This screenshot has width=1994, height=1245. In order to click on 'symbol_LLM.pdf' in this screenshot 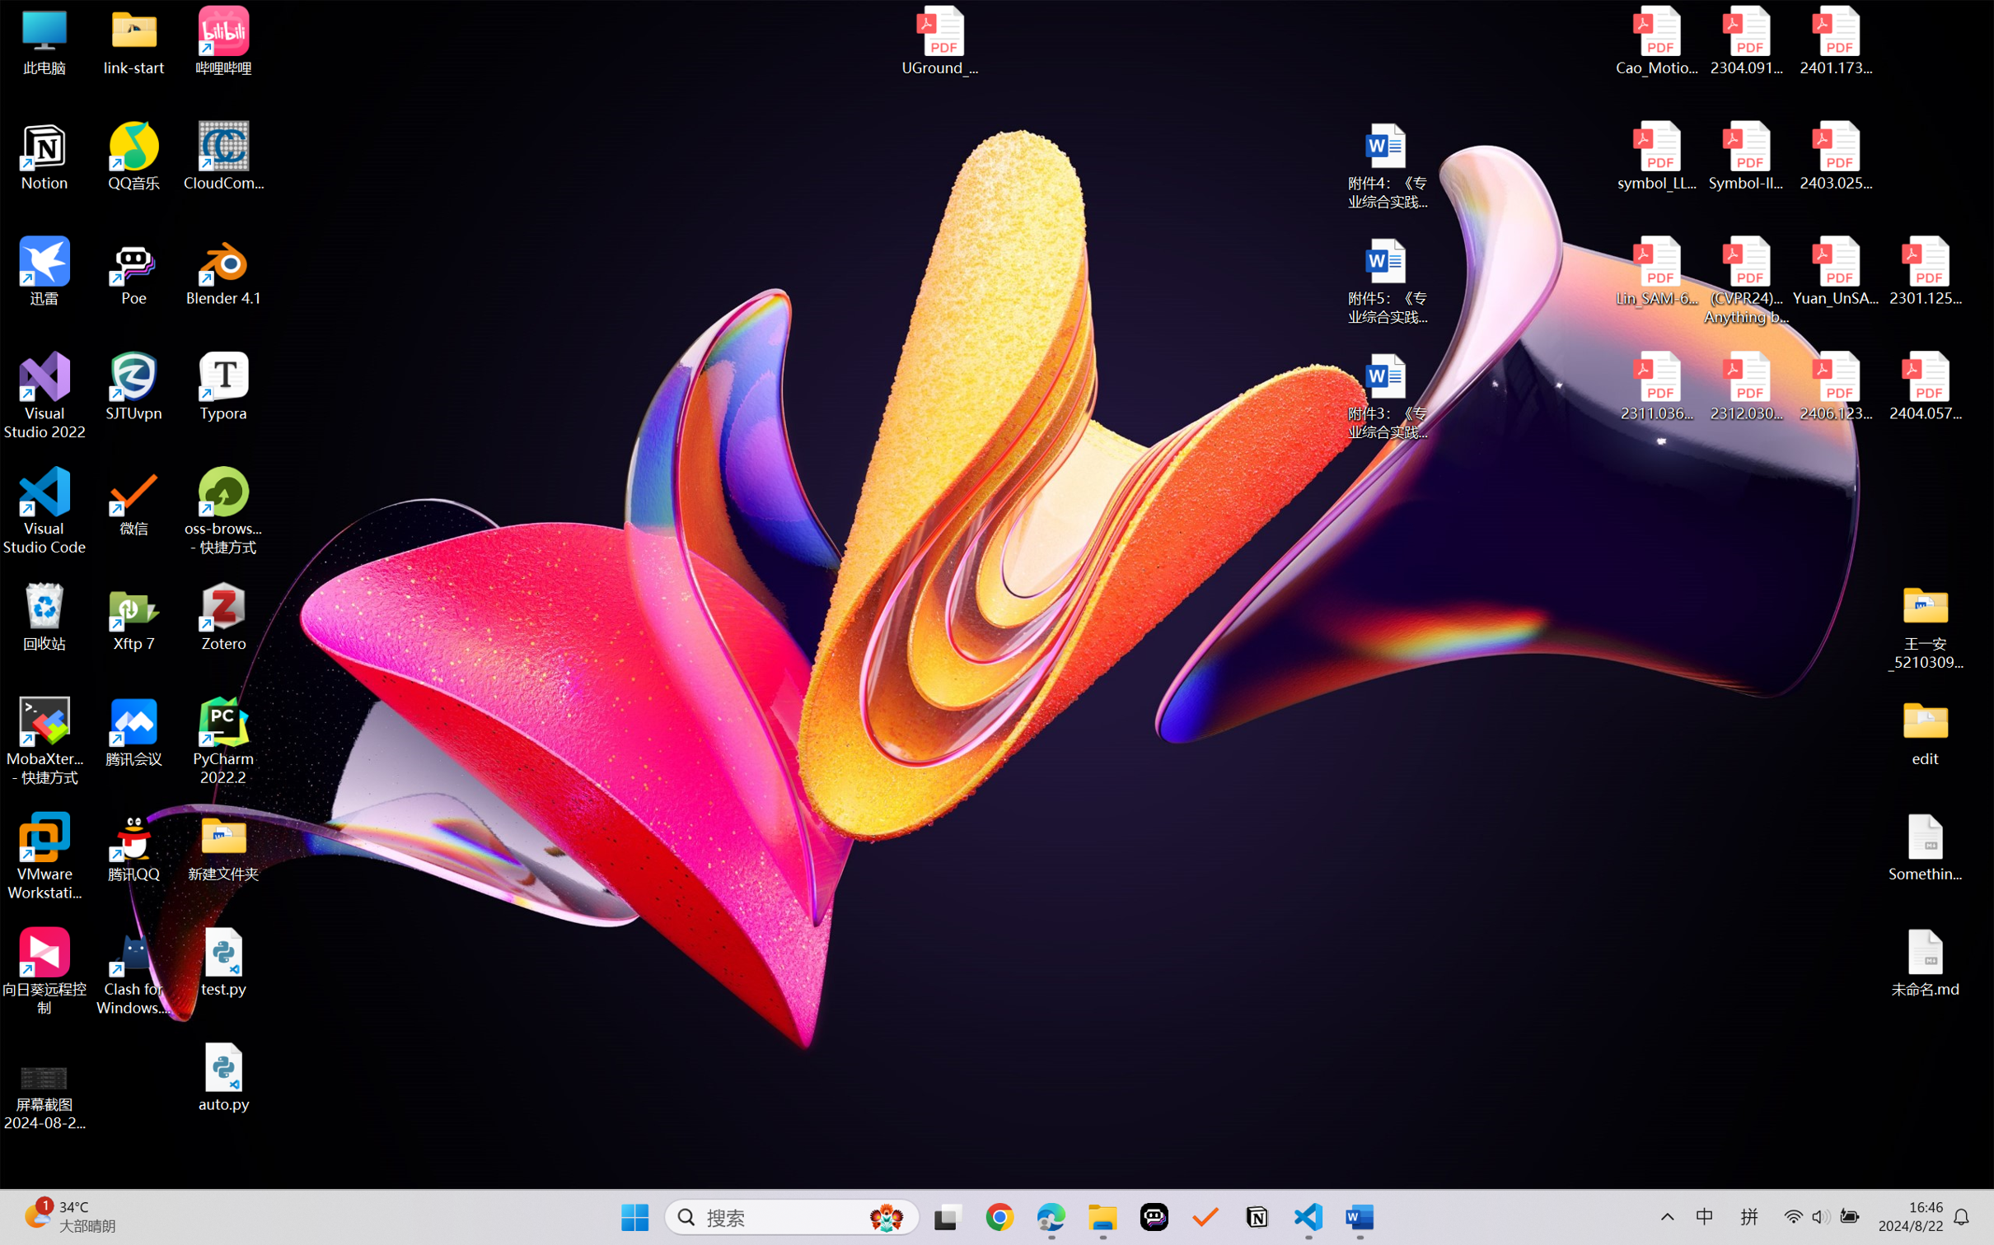, I will do `click(1657, 156)`.